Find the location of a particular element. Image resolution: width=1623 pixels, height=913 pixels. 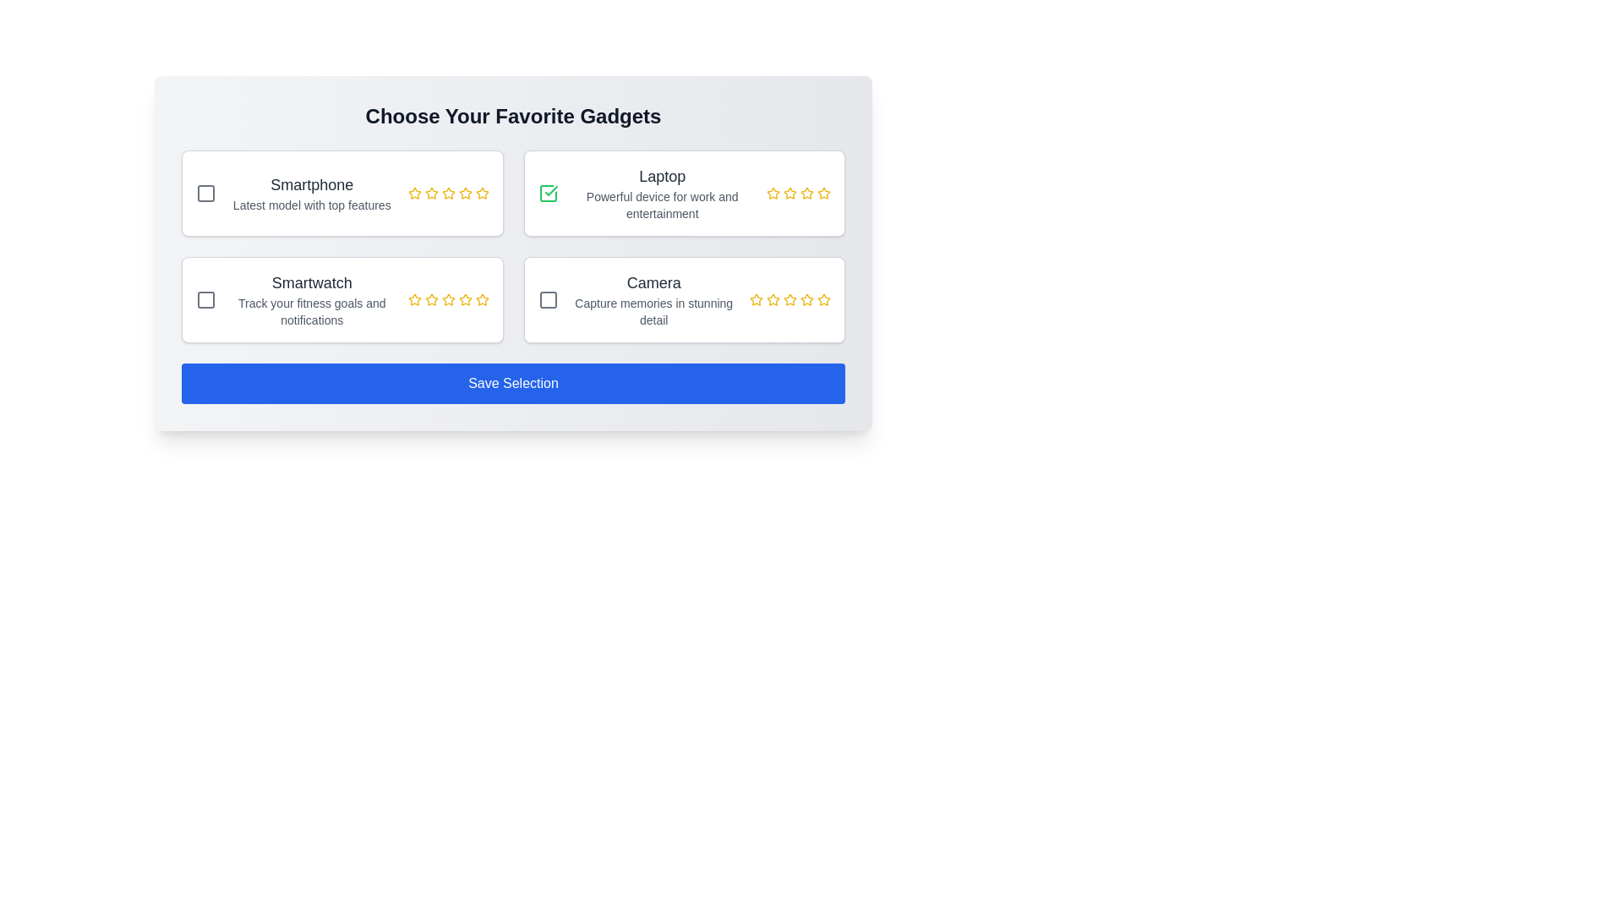

the checkbox indicator for the 'Camera' option is located at coordinates (548, 298).